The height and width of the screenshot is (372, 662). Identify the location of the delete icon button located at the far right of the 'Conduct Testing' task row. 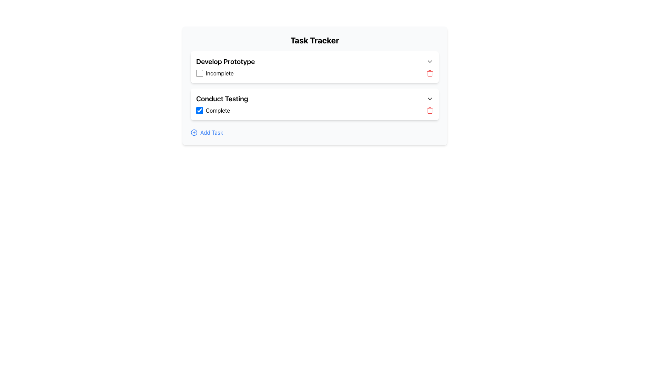
(430, 110).